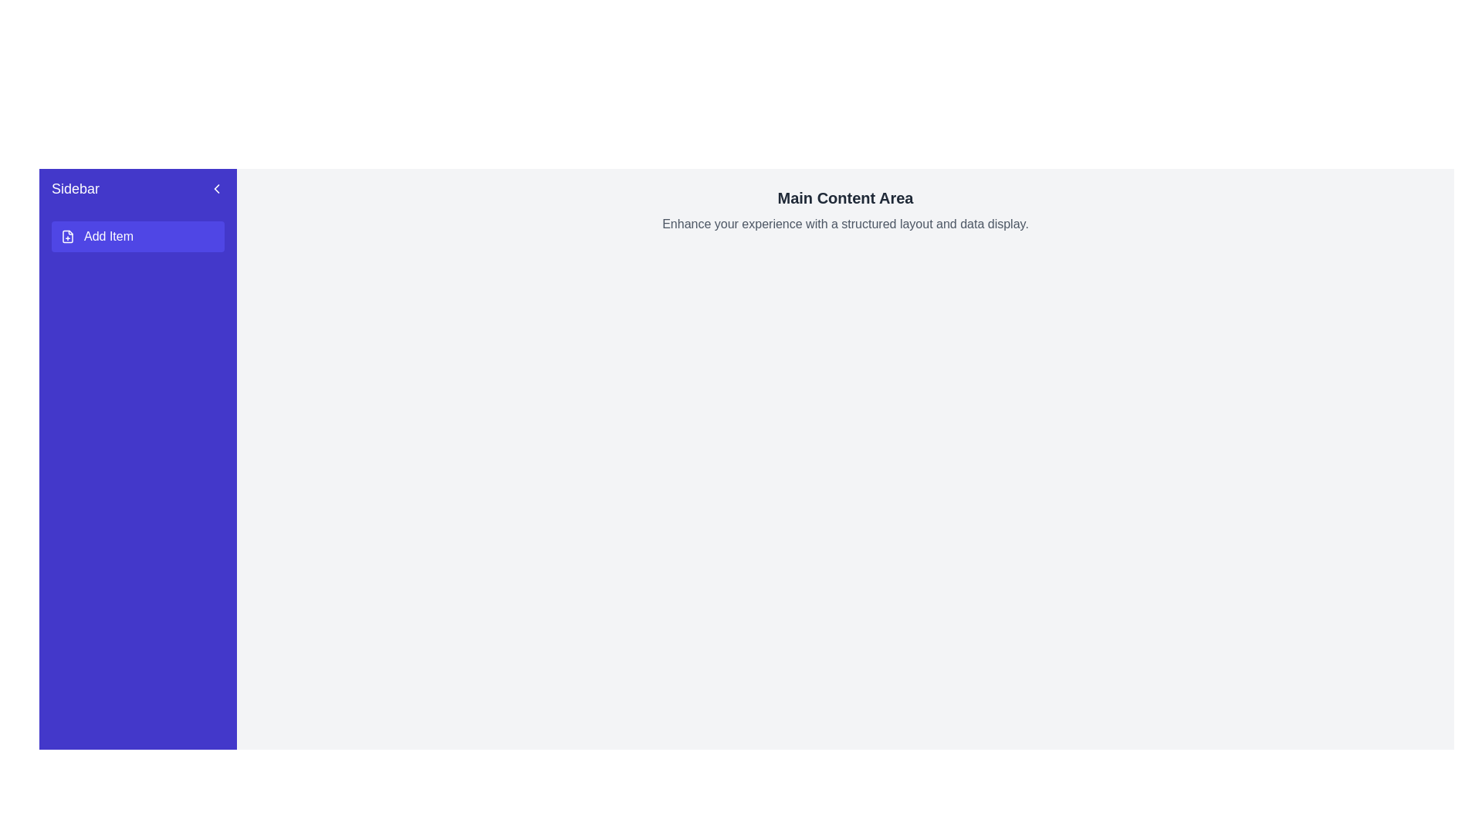 This screenshot has height=833, width=1482. Describe the element at coordinates (844, 197) in the screenshot. I see `text label displaying 'Main Content Area' that is prominently positioned in the upper middle region of the interface` at that location.